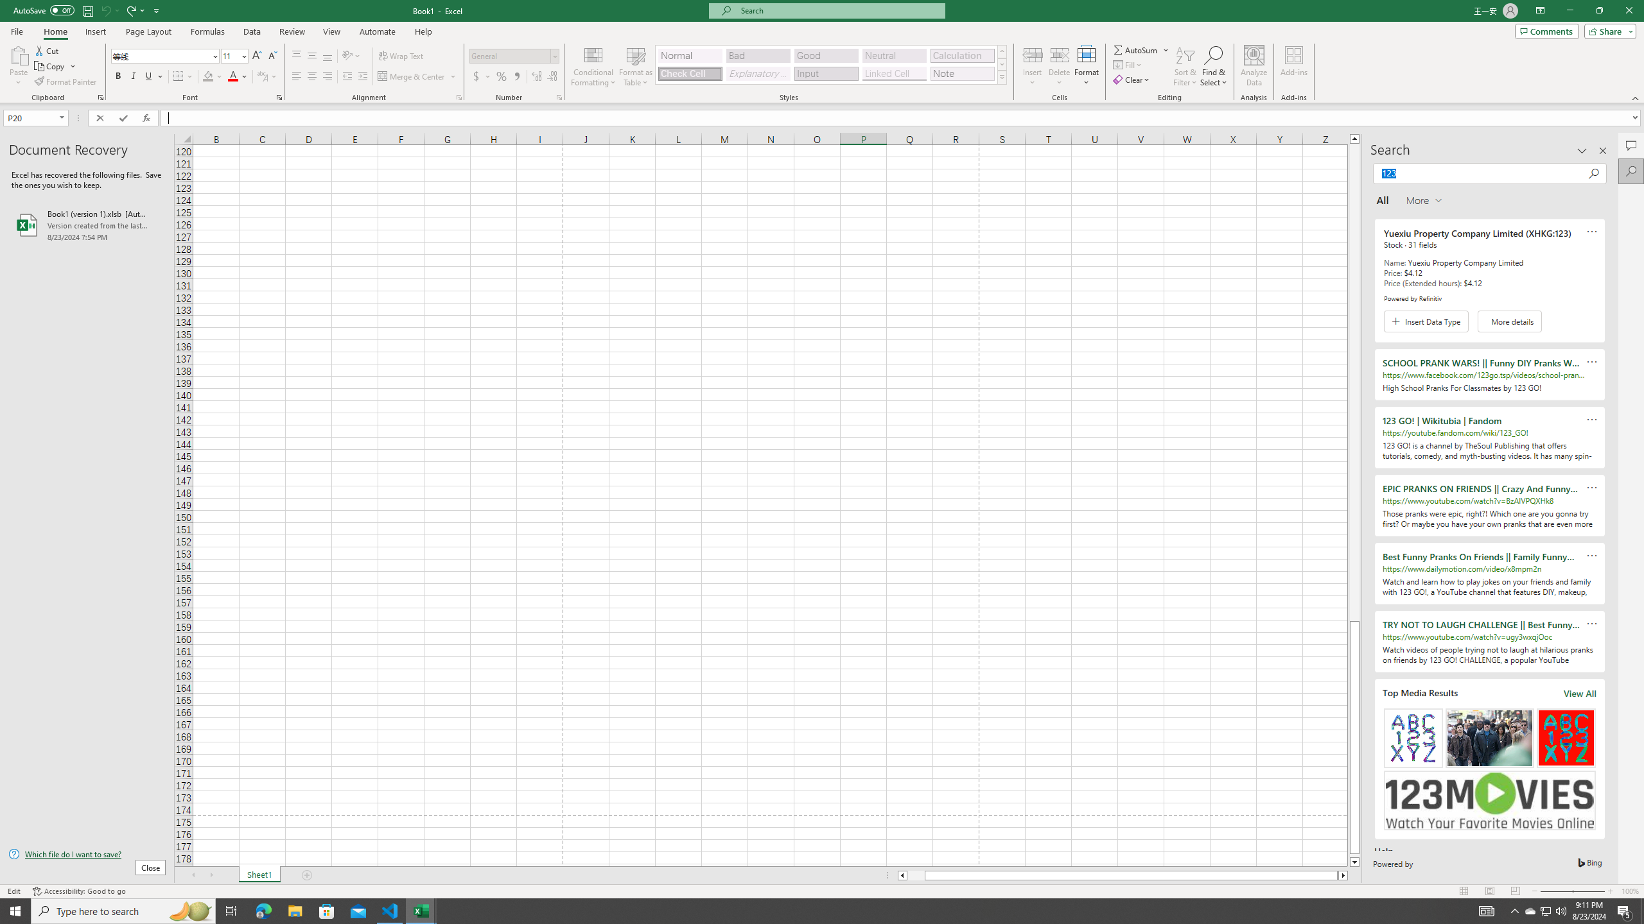  I want to click on 'Cell Styles', so click(1002, 76).